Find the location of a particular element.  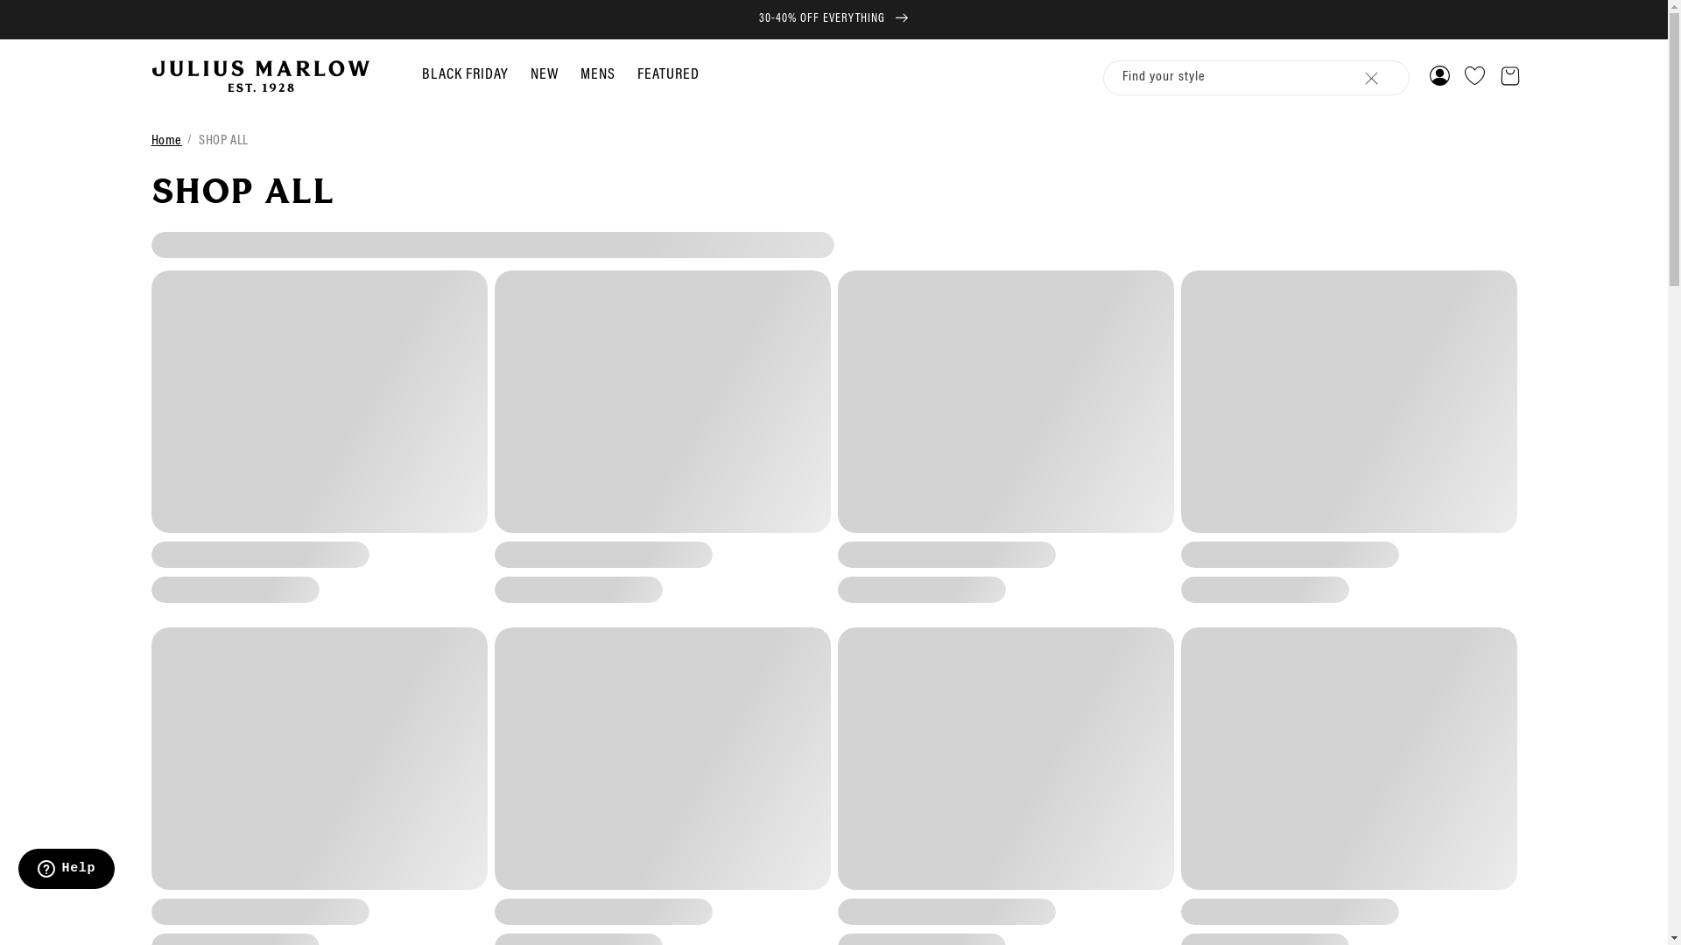

'NEW' is located at coordinates (529, 74).